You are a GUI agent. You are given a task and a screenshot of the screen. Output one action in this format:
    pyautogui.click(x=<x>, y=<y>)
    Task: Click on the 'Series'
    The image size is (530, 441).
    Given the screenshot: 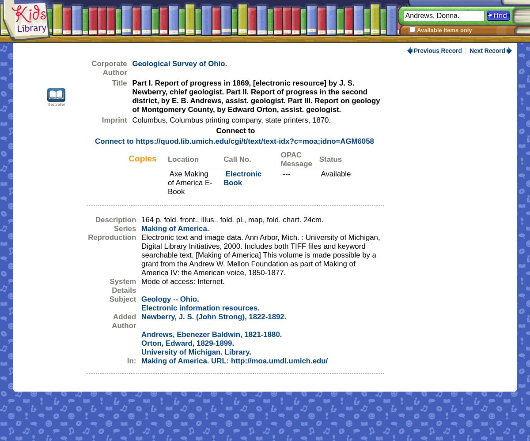 What is the action you would take?
    pyautogui.click(x=124, y=228)
    